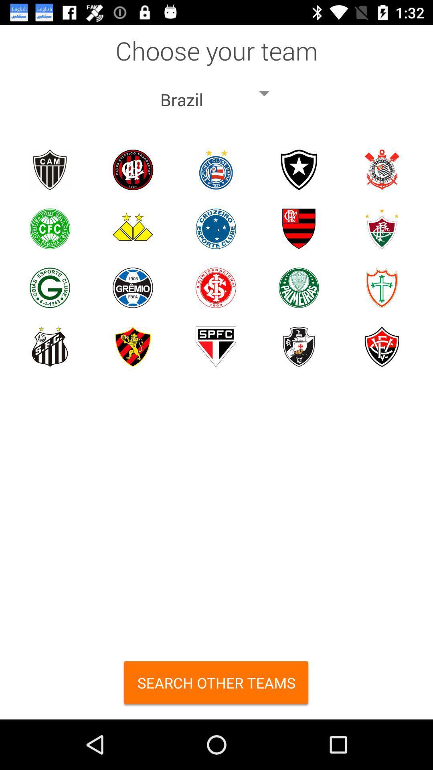 The width and height of the screenshot is (433, 770). Describe the element at coordinates (299, 288) in the screenshot. I see `selects a team` at that location.